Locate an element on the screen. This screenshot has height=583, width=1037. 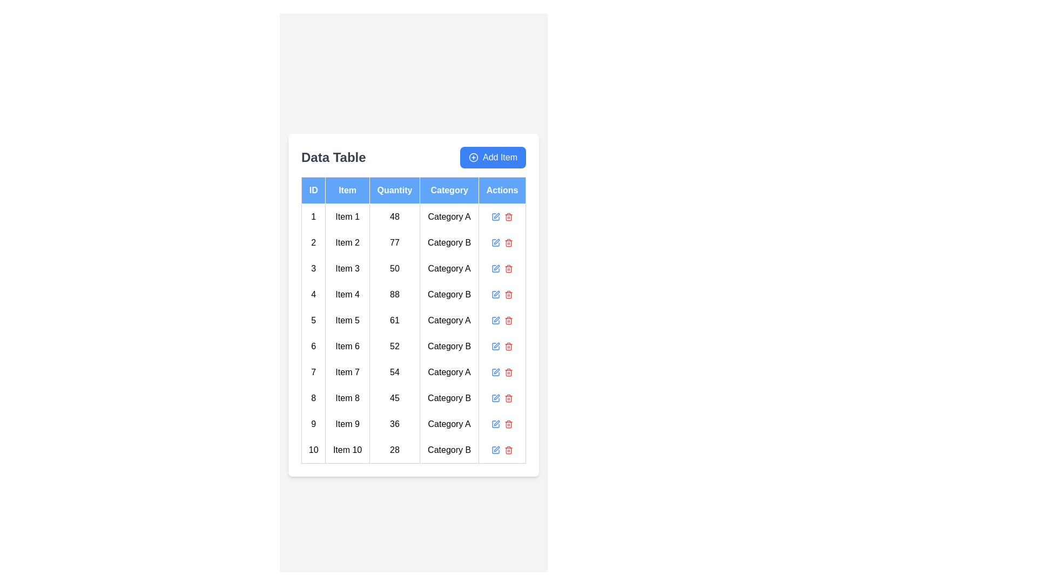
the bold numerical value "36" in the "Quantity" column of the table for "Item 9." is located at coordinates (394, 423).